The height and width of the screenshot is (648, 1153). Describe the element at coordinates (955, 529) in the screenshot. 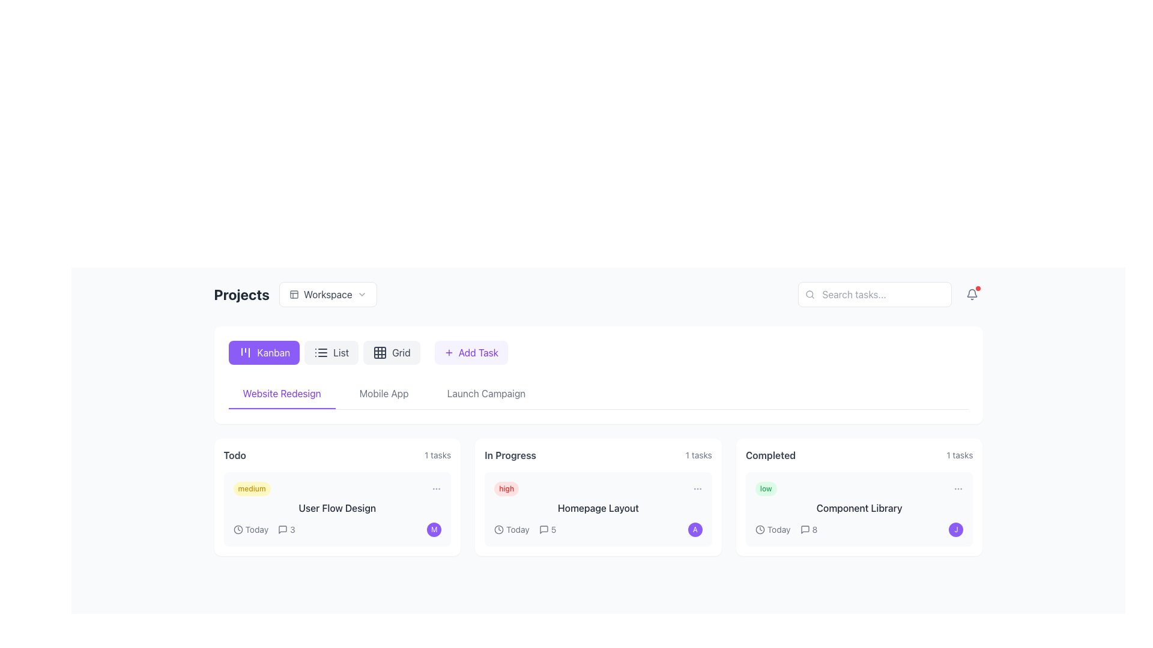

I see `the small circular badge with a violet background containing the white capital letter 'J', located in the 'Completed' section of the task card titled 'Component Library'` at that location.